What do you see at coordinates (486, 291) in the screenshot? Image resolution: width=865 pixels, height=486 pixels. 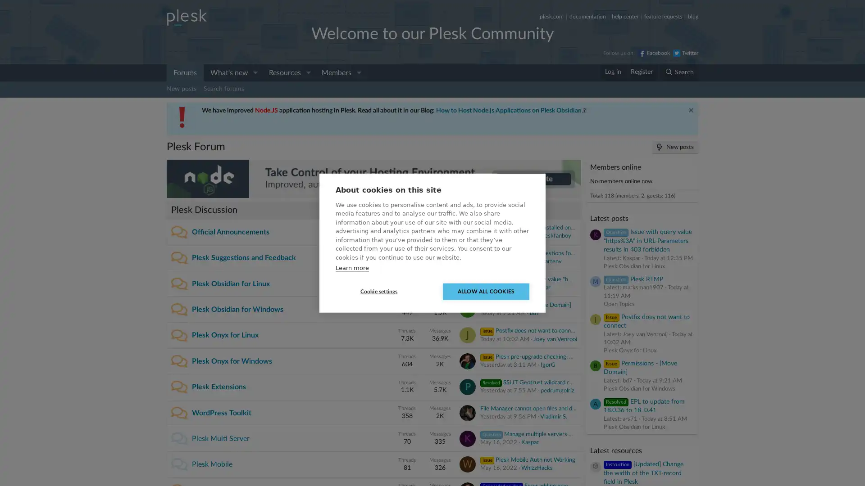 I see `ALLOW ALL COOKIES` at bounding box center [486, 291].